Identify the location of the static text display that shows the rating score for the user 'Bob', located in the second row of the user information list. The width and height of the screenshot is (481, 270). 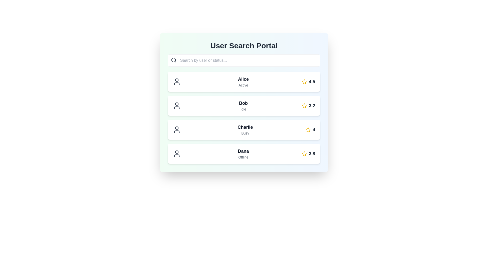
(312, 105).